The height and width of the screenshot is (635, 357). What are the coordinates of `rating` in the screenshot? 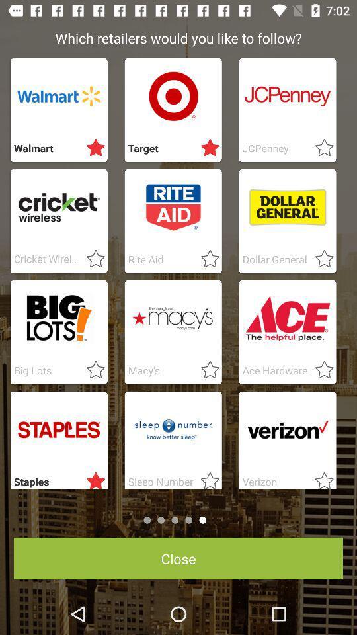 It's located at (206, 370).